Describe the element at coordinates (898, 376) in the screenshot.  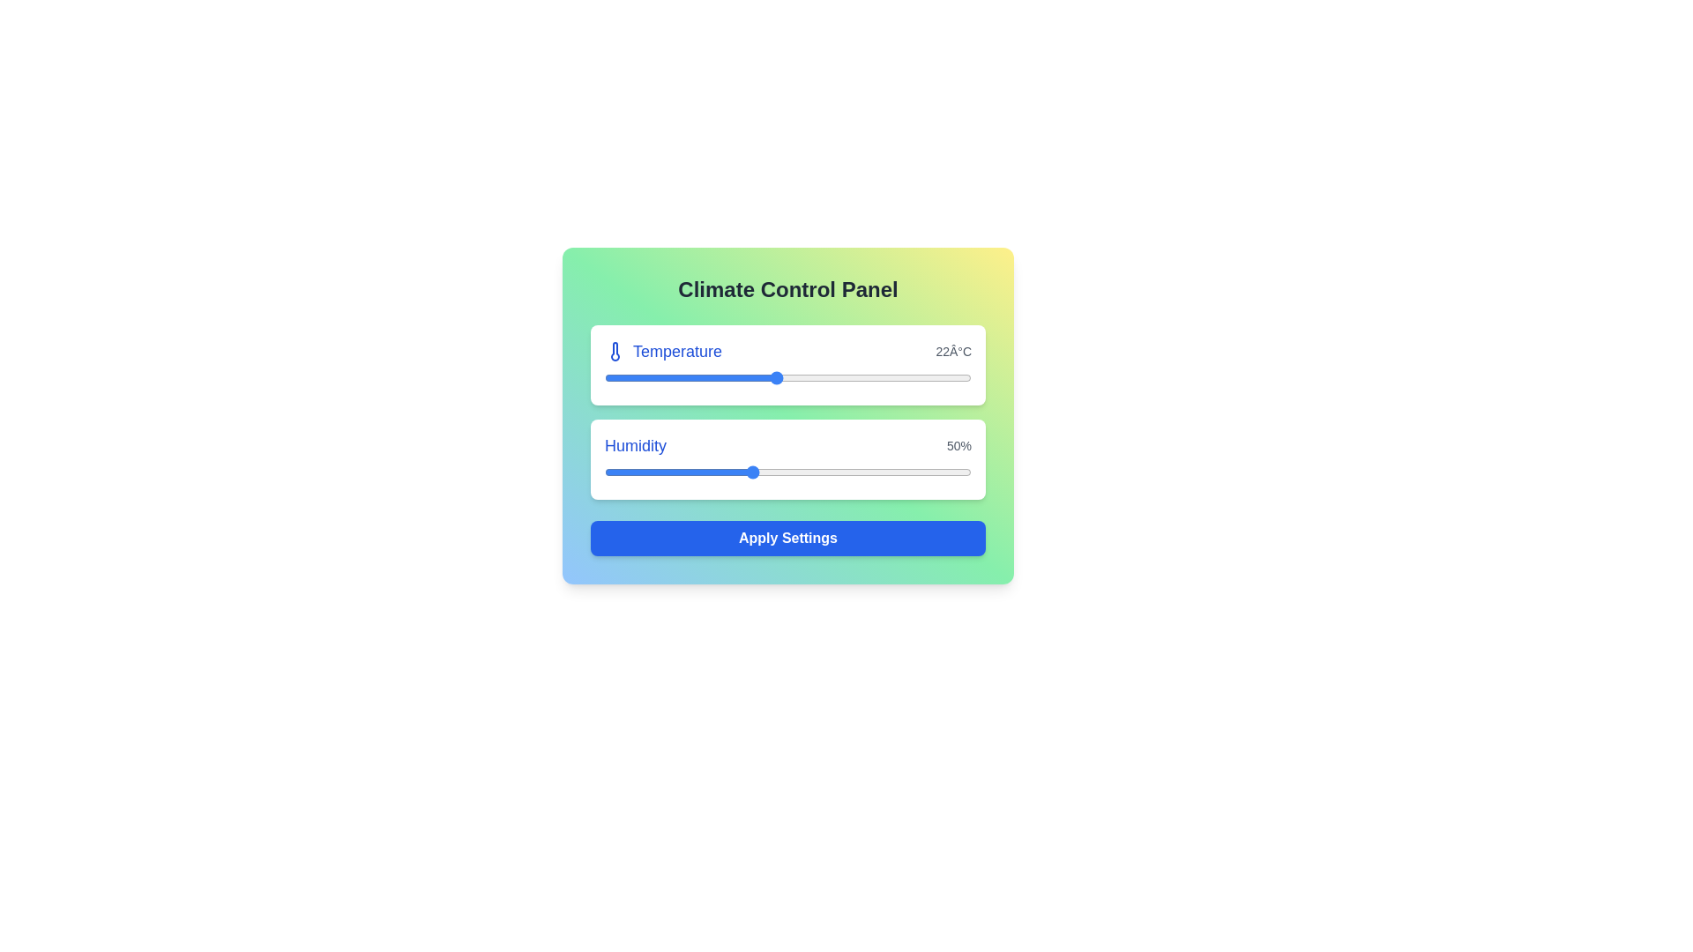
I see `the temperature slider` at that location.